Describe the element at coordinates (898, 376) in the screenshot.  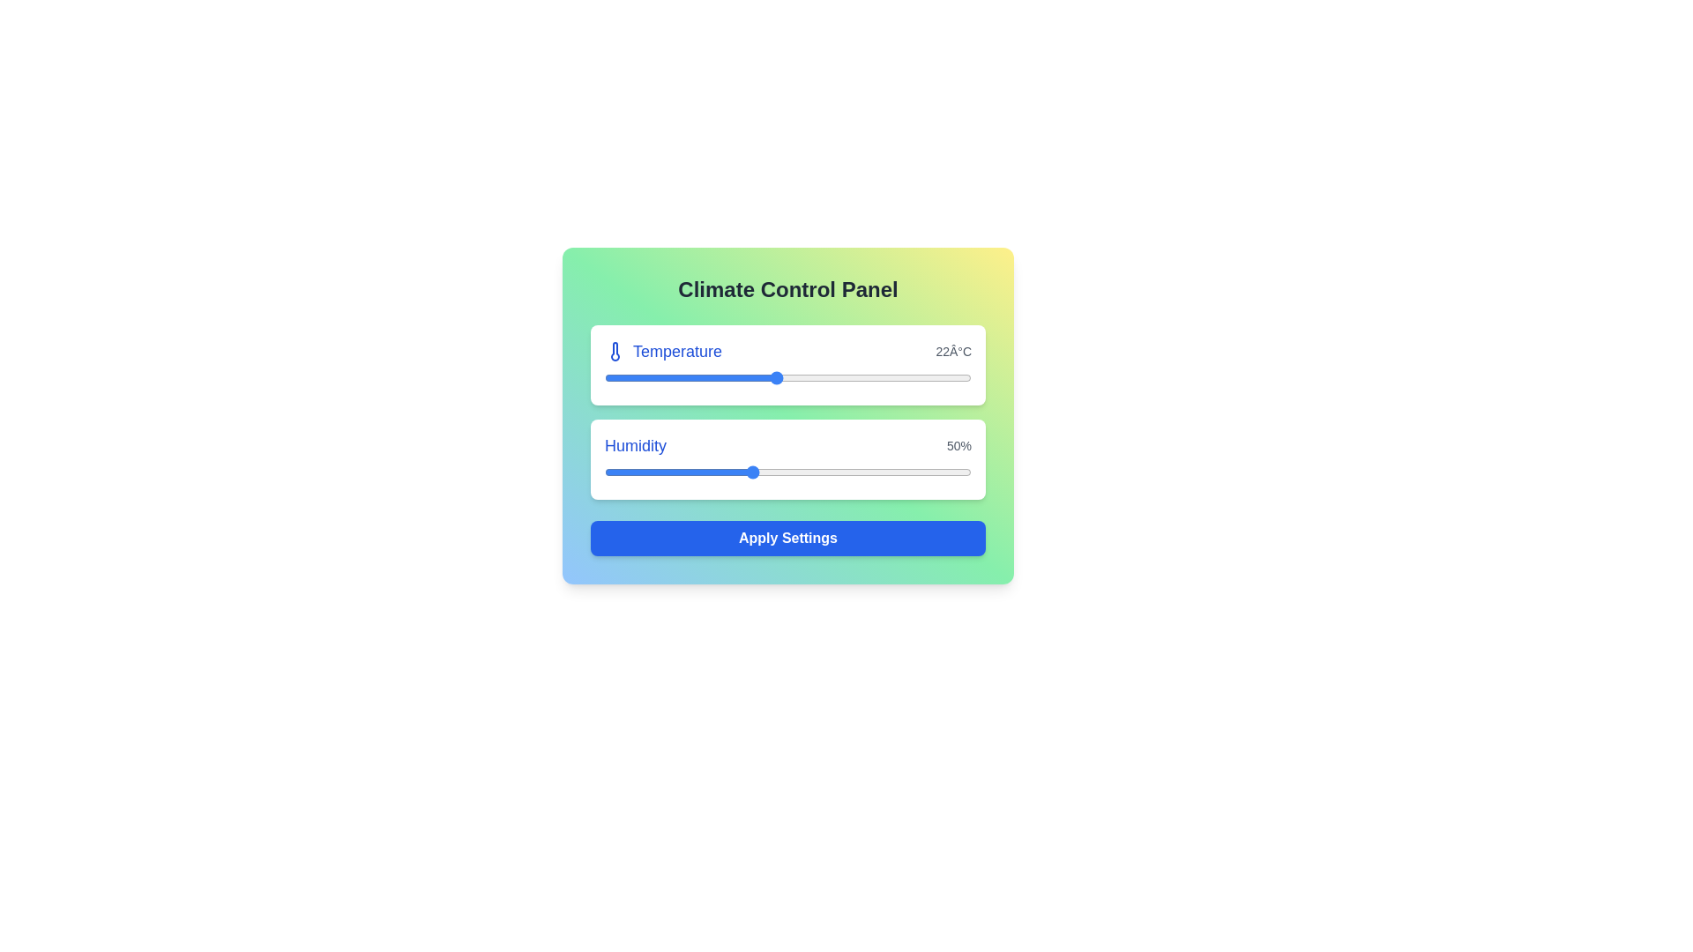
I see `the temperature slider` at that location.